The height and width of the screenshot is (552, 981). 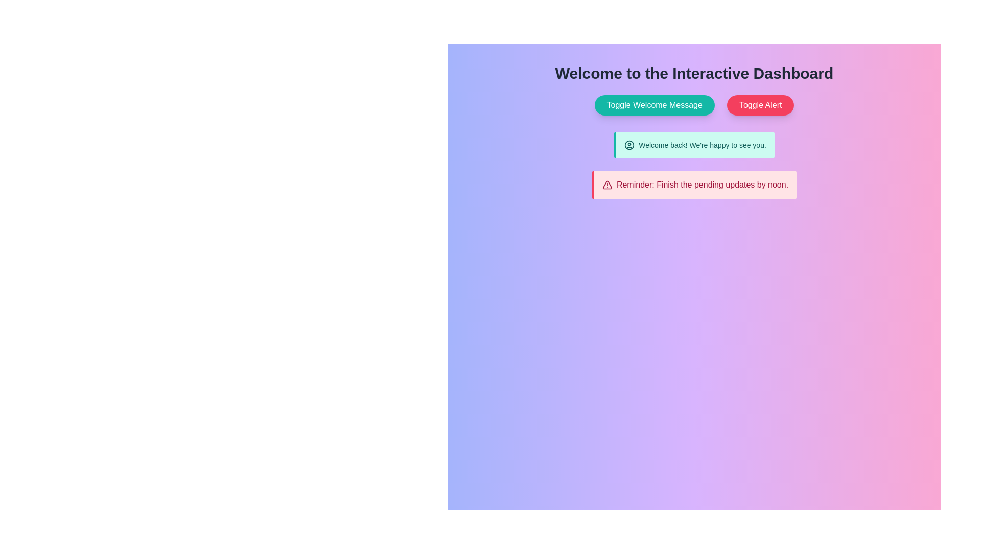 What do you see at coordinates (655, 105) in the screenshot?
I see `the toggle button for activating or deactivating the welcome message feature` at bounding box center [655, 105].